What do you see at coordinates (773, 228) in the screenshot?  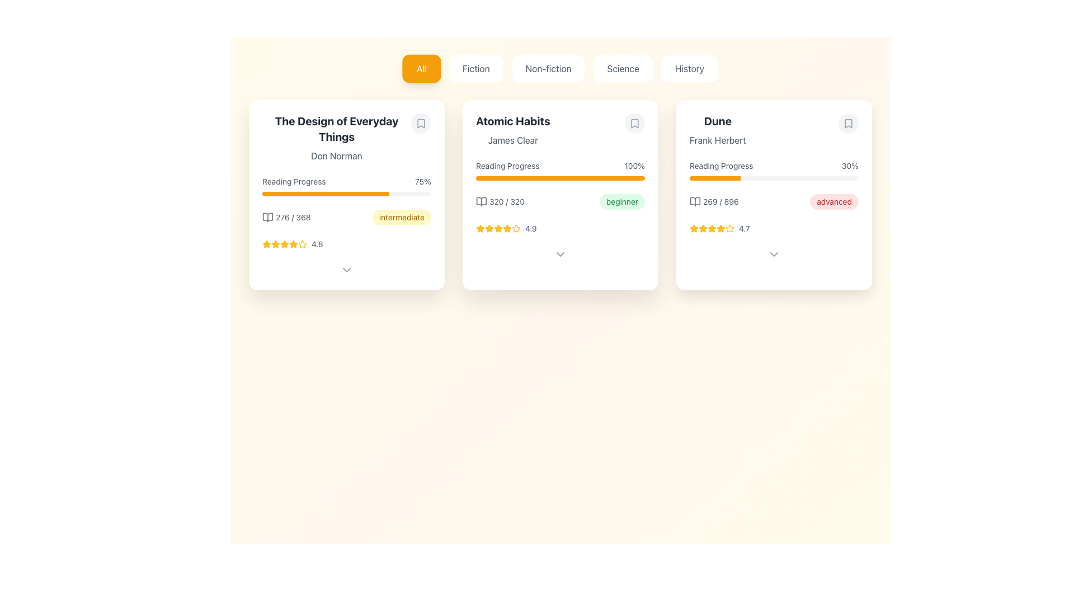 I see `rating score displayed in the rating component, which consists of five stars (four filled and one partially filled) and a numerical rating of '4.7' located in the 'Dune' card under the 'Advanced' label` at bounding box center [773, 228].